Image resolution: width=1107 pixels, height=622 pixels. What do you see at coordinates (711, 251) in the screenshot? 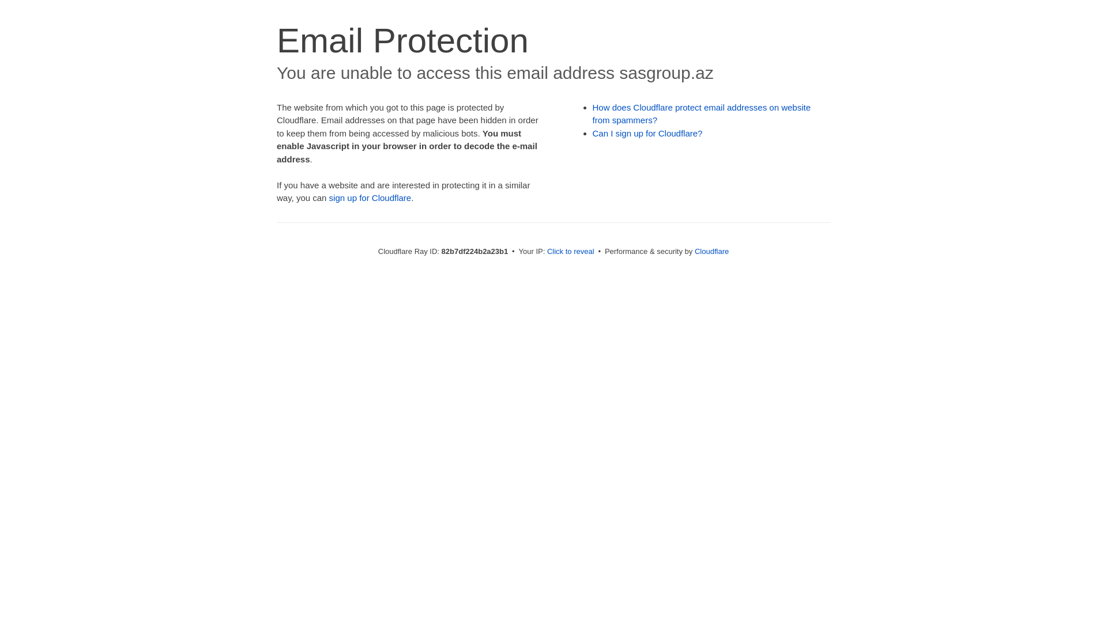
I see `'Cloudflare'` at bounding box center [711, 251].